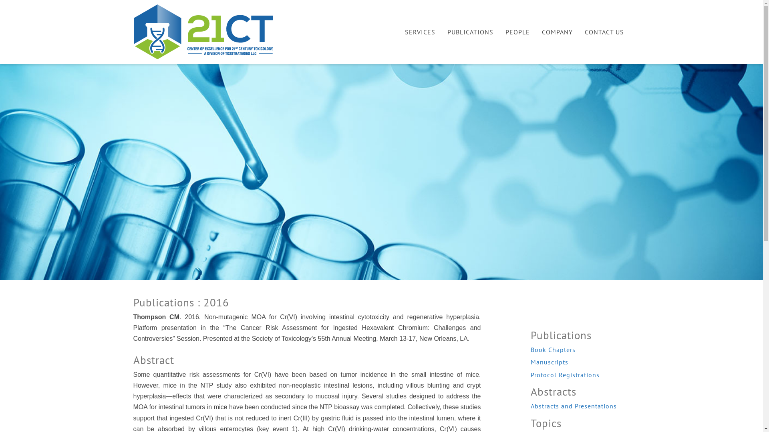 This screenshot has width=769, height=432. Describe the element at coordinates (580, 350) in the screenshot. I see `'Book Chapters'` at that location.